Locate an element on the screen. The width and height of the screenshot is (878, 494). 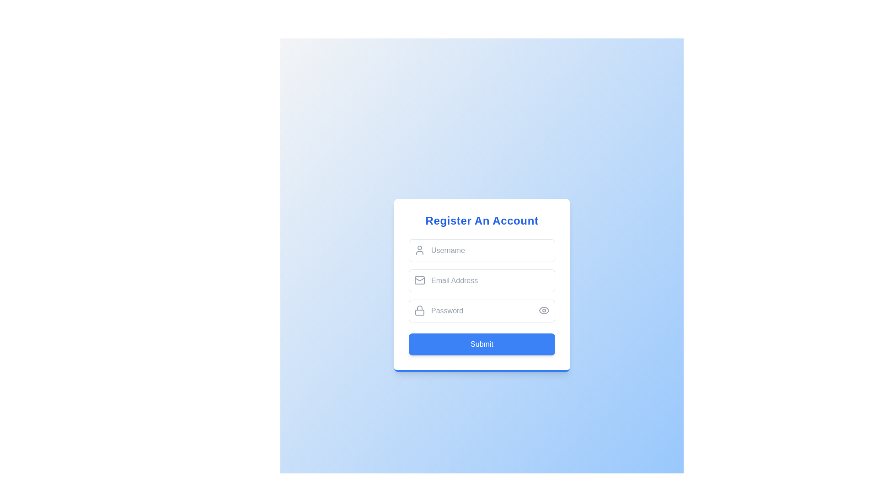
the button with an eye icon, styled in gray, located to the right of the password input field is located at coordinates (544, 310).